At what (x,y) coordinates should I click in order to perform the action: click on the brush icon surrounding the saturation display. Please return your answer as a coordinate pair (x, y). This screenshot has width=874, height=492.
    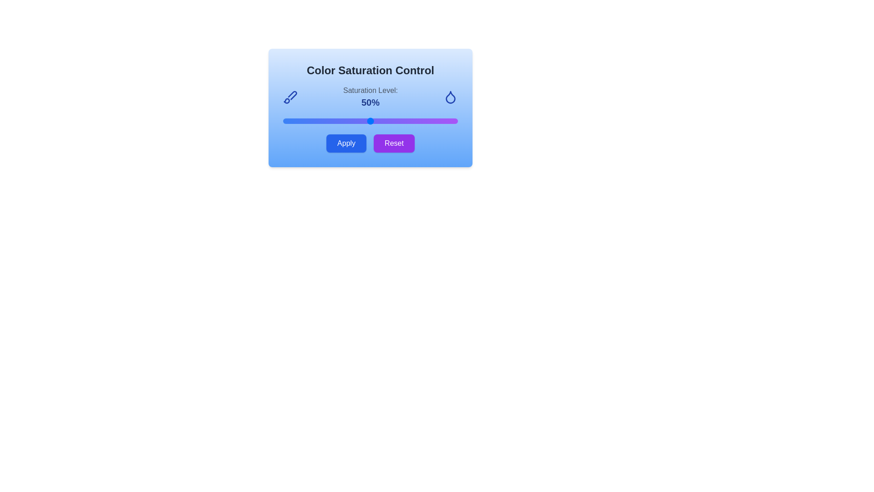
    Looking at the image, I should click on (290, 97).